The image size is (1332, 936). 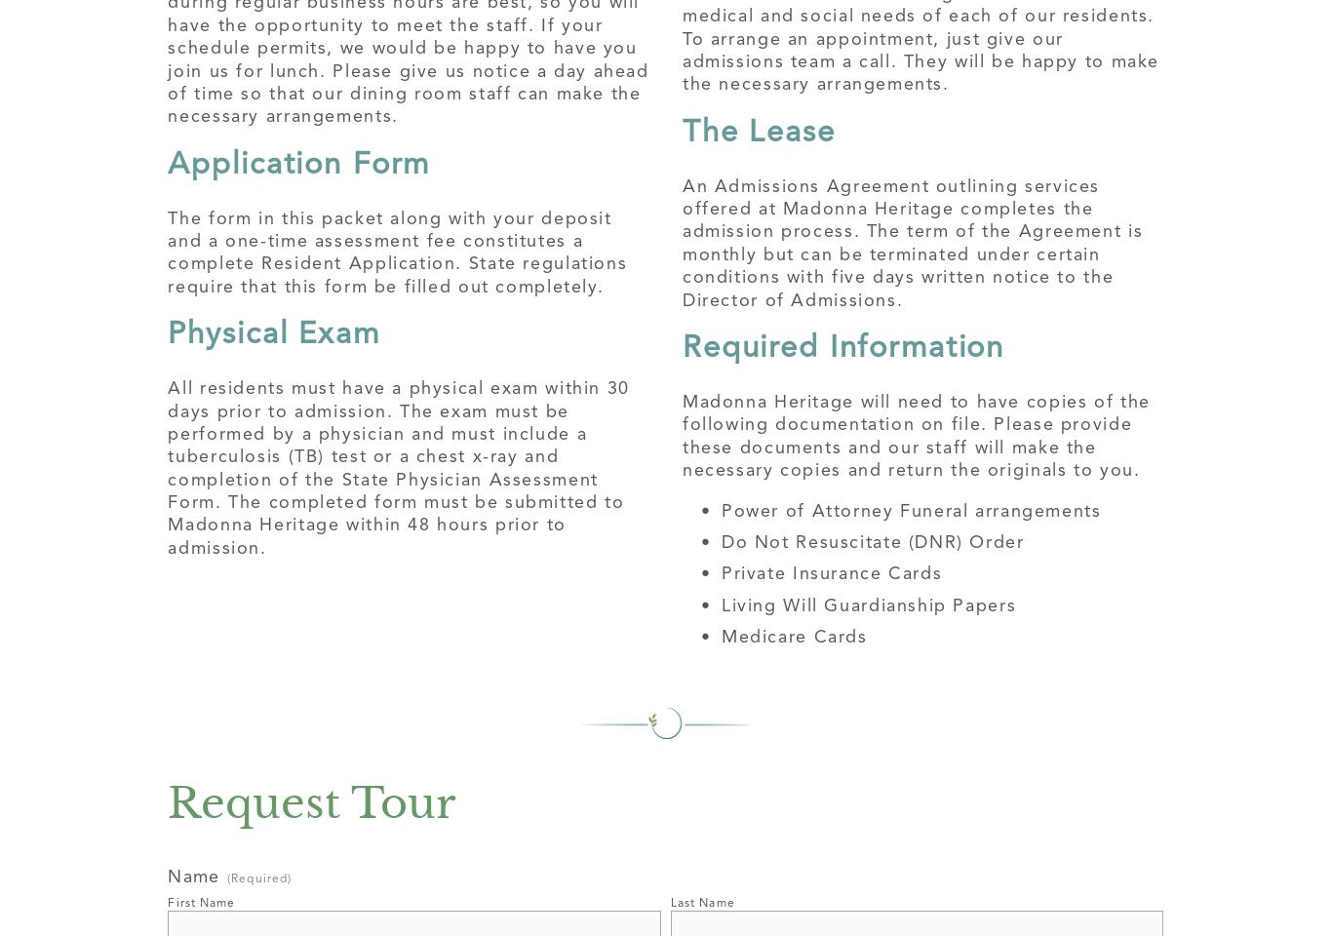 I want to click on 'Physical Exam', so click(x=166, y=331).